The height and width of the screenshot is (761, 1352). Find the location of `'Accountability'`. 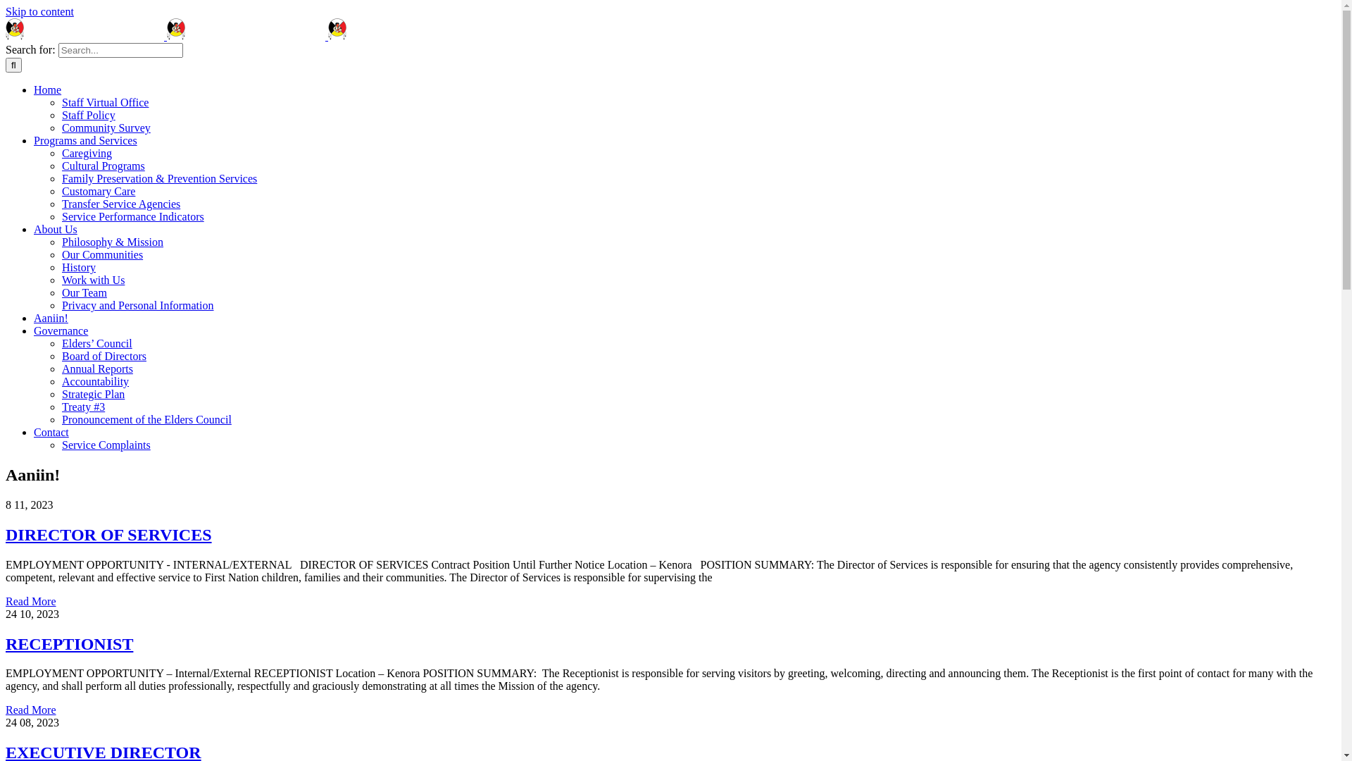

'Accountability' is located at coordinates (94, 381).